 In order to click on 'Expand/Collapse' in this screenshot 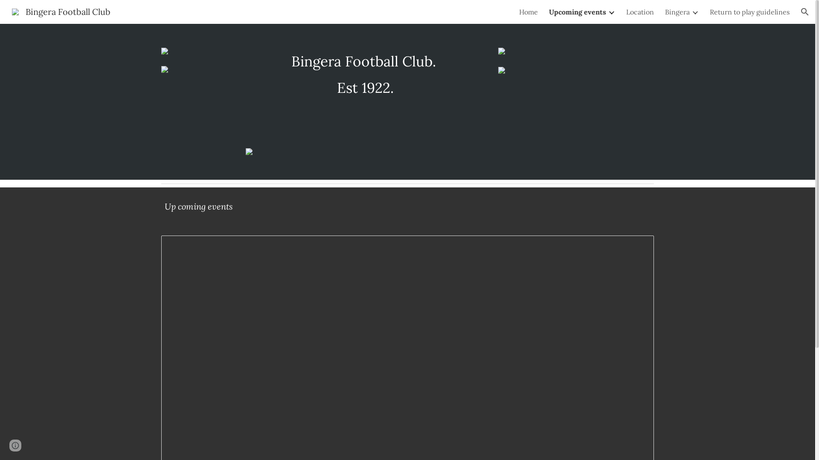, I will do `click(694, 11)`.